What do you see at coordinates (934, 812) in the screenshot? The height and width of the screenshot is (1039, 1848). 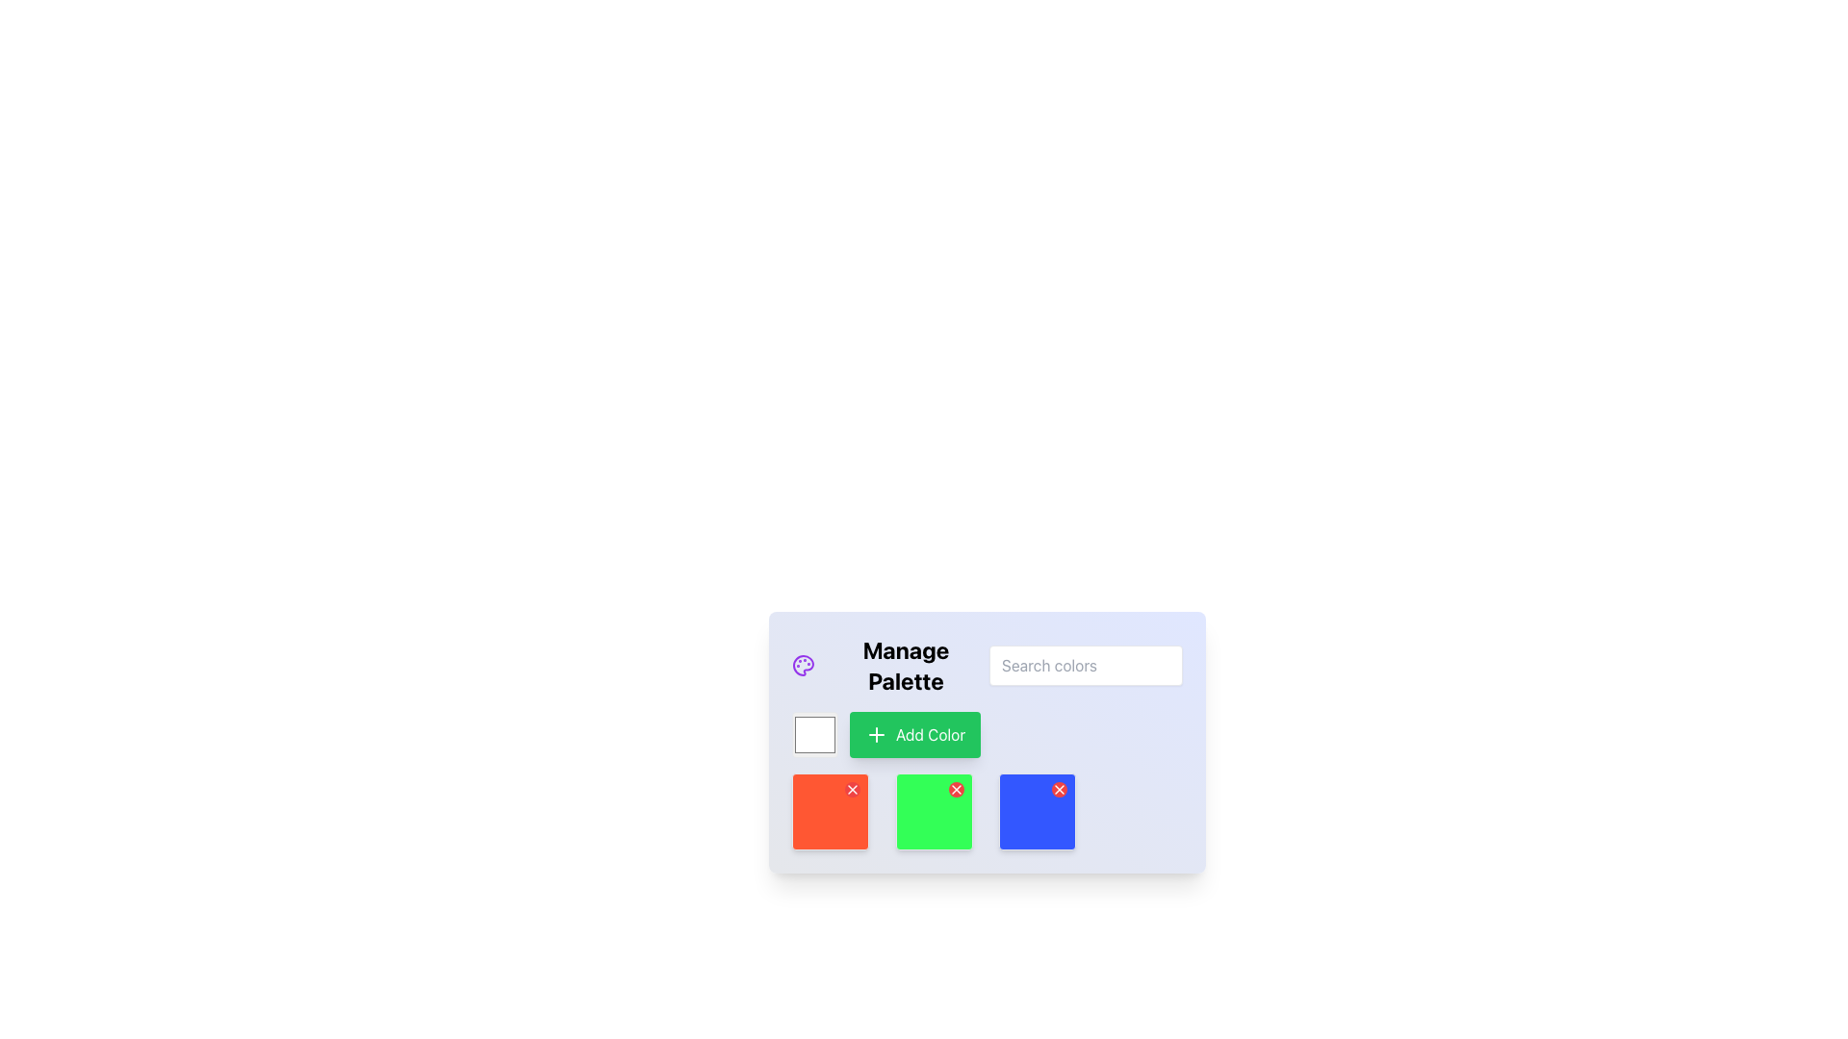 I see `the vivid green Color display box with rounded corners and an interactive red delete button located at the top-right corner` at bounding box center [934, 812].